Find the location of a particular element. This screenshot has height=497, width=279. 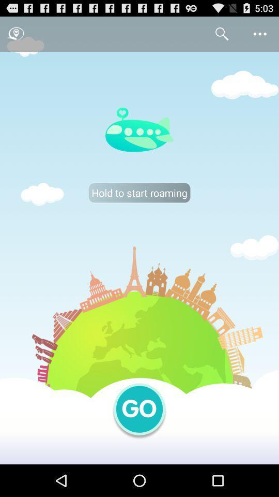

the location icon is located at coordinates (16, 36).